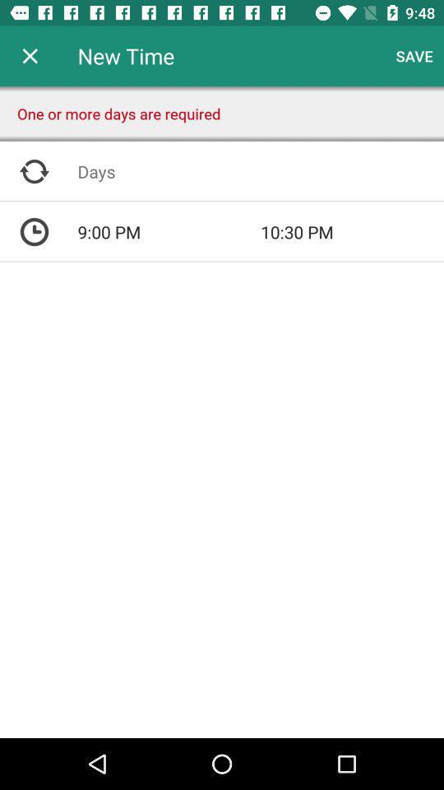 Image resolution: width=444 pixels, height=790 pixels. What do you see at coordinates (351, 231) in the screenshot?
I see `10:30 pm icon` at bounding box center [351, 231].